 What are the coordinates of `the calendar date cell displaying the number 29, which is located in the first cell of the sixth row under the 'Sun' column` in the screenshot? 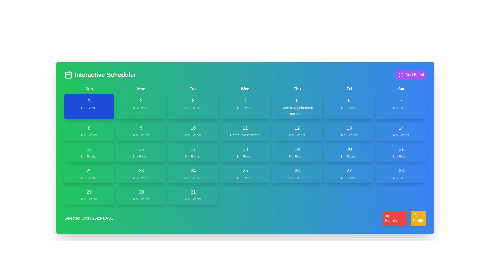 It's located at (89, 195).